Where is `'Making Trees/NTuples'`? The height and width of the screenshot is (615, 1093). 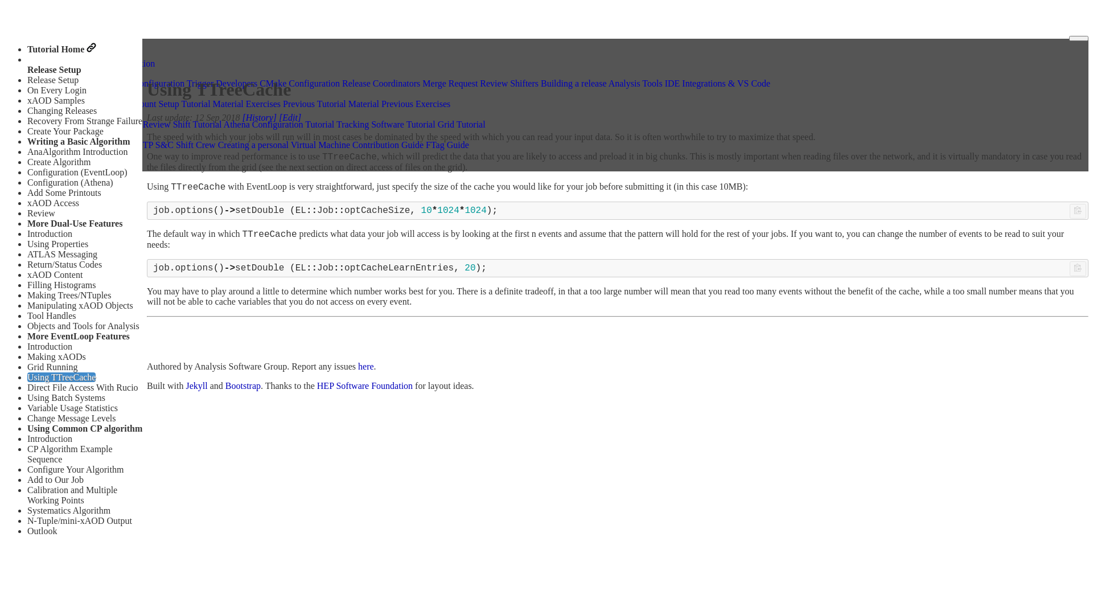 'Making Trees/NTuples' is located at coordinates (68, 294).